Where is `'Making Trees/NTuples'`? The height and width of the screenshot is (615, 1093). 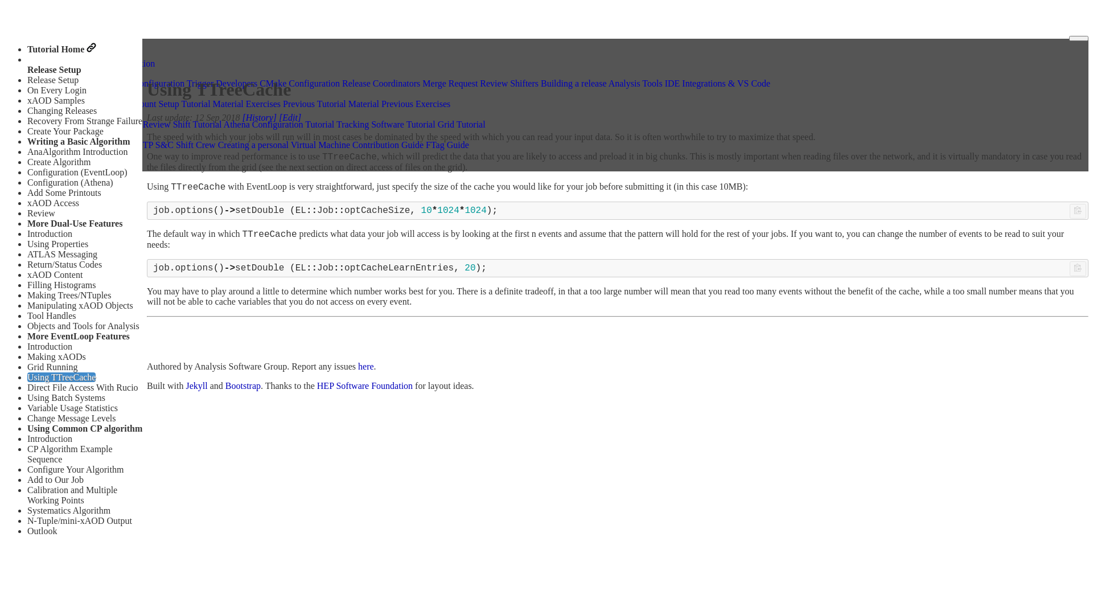 'Making Trees/NTuples' is located at coordinates (68, 294).